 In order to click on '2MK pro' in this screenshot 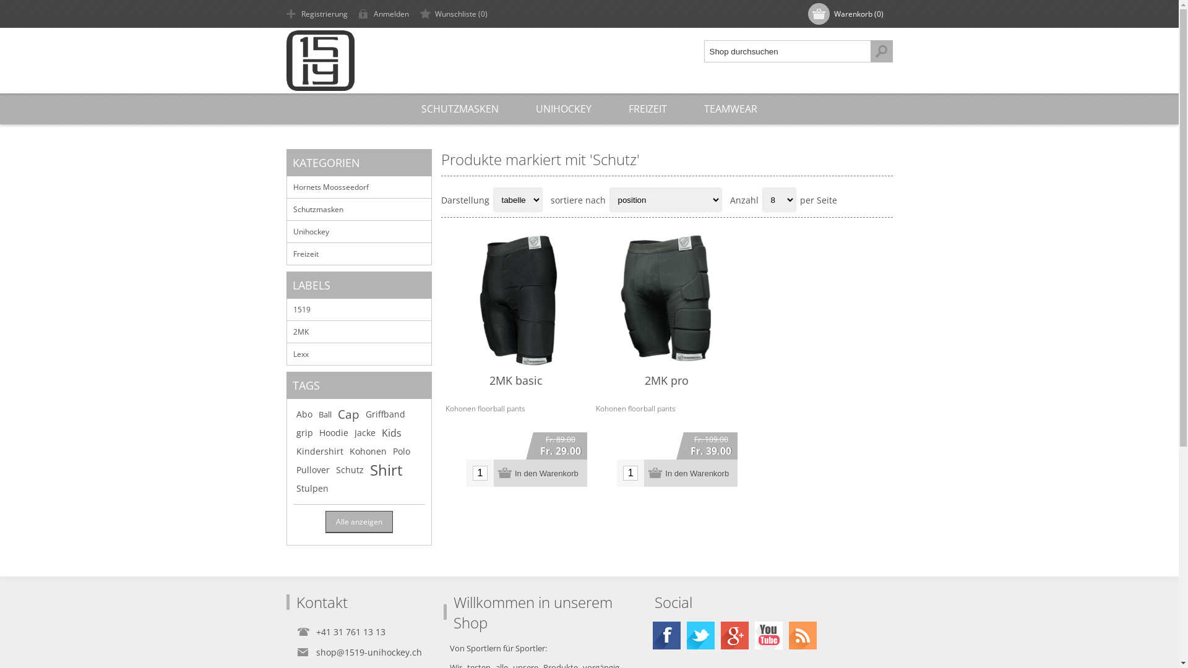, I will do `click(666, 379)`.